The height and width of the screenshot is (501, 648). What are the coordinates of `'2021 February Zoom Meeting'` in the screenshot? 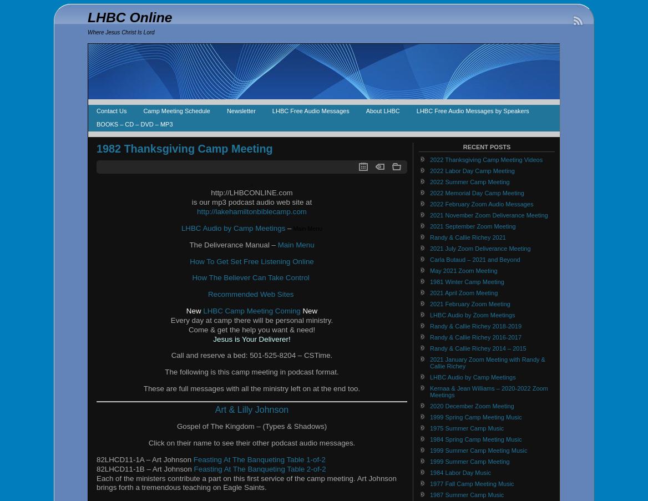 It's located at (469, 303).